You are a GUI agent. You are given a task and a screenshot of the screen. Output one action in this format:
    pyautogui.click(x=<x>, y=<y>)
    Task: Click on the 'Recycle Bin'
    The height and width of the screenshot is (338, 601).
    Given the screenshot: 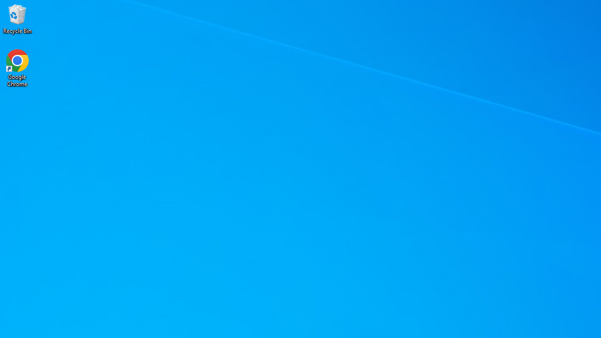 What is the action you would take?
    pyautogui.click(x=17, y=18)
    